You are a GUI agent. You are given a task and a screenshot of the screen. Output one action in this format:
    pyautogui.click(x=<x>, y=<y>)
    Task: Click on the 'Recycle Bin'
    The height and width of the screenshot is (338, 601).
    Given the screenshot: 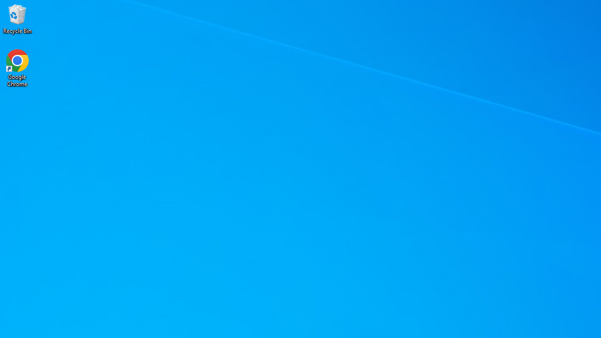 What is the action you would take?
    pyautogui.click(x=17, y=18)
    